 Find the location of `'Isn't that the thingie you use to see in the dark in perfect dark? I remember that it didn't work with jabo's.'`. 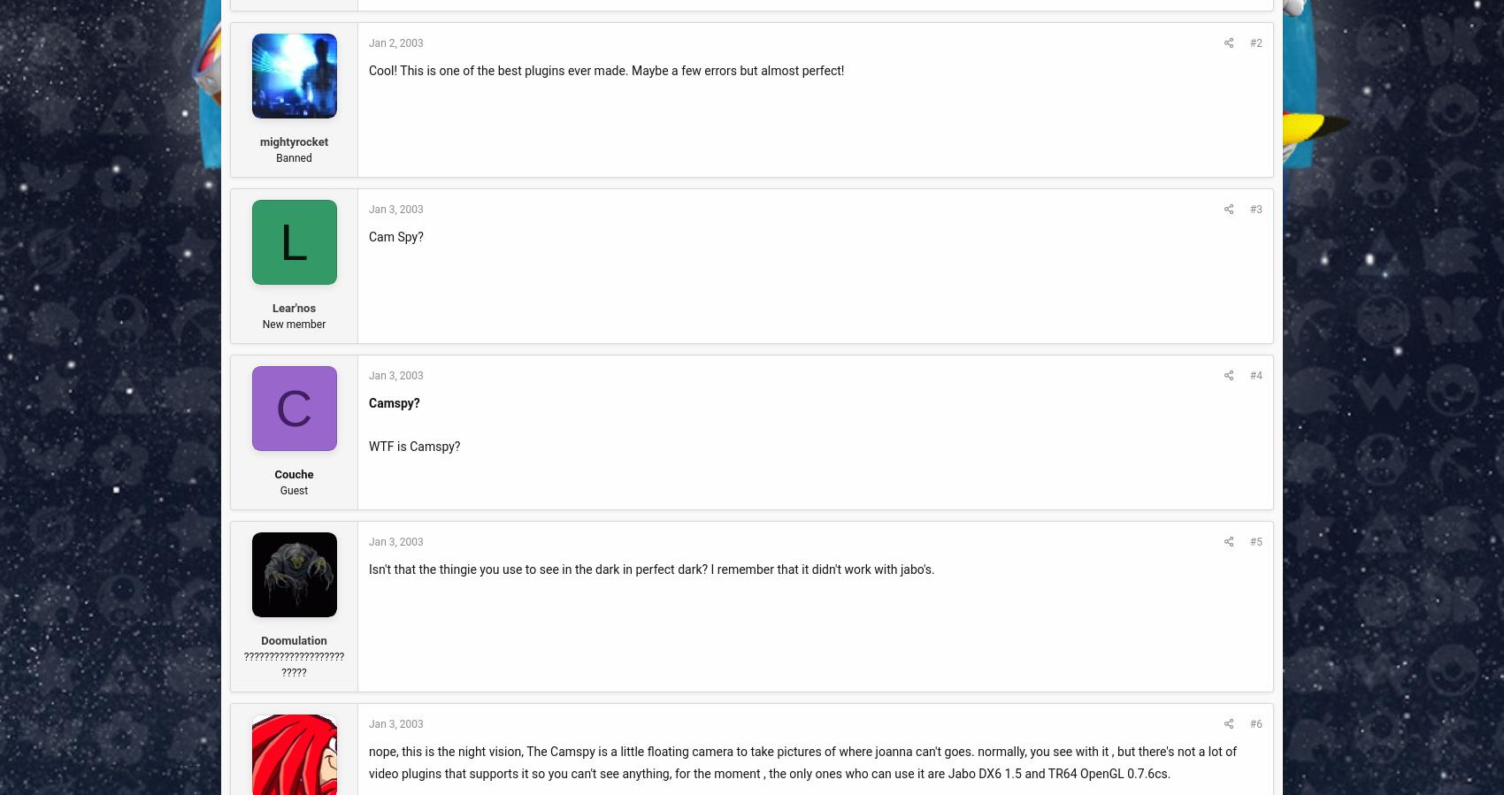

'Isn't that the thingie you use to see in the dark in perfect dark? I remember that it didn't work with jabo's.' is located at coordinates (368, 569).